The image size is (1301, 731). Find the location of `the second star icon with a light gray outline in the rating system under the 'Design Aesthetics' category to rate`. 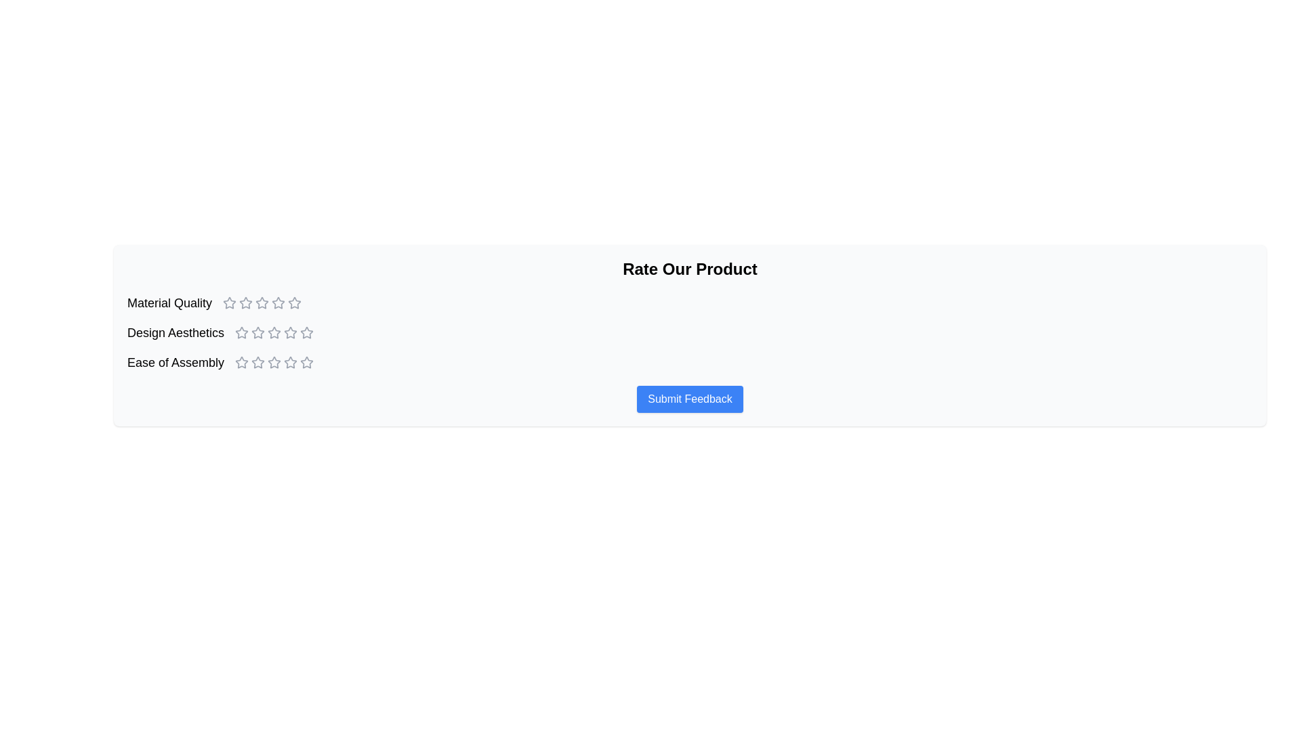

the second star icon with a light gray outline in the rating system under the 'Design Aesthetics' category to rate is located at coordinates (258, 332).